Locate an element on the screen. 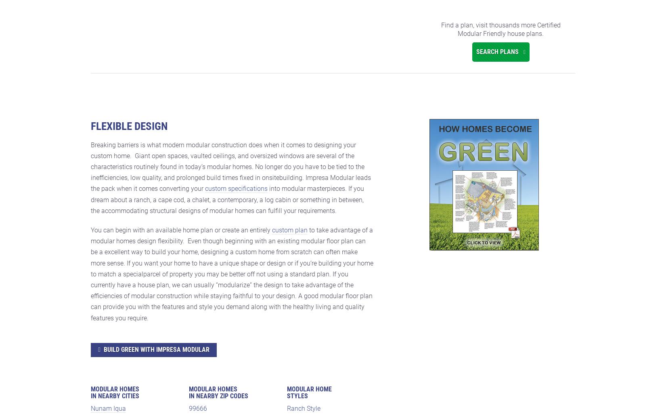  'into modular masterpieces. If you dream about a ranch, a cape cod, a chalet, a contemporary, a log cabin or something in between, the accommodating structural designs of modular homes can fulfill your requirements.' is located at coordinates (227, 199).